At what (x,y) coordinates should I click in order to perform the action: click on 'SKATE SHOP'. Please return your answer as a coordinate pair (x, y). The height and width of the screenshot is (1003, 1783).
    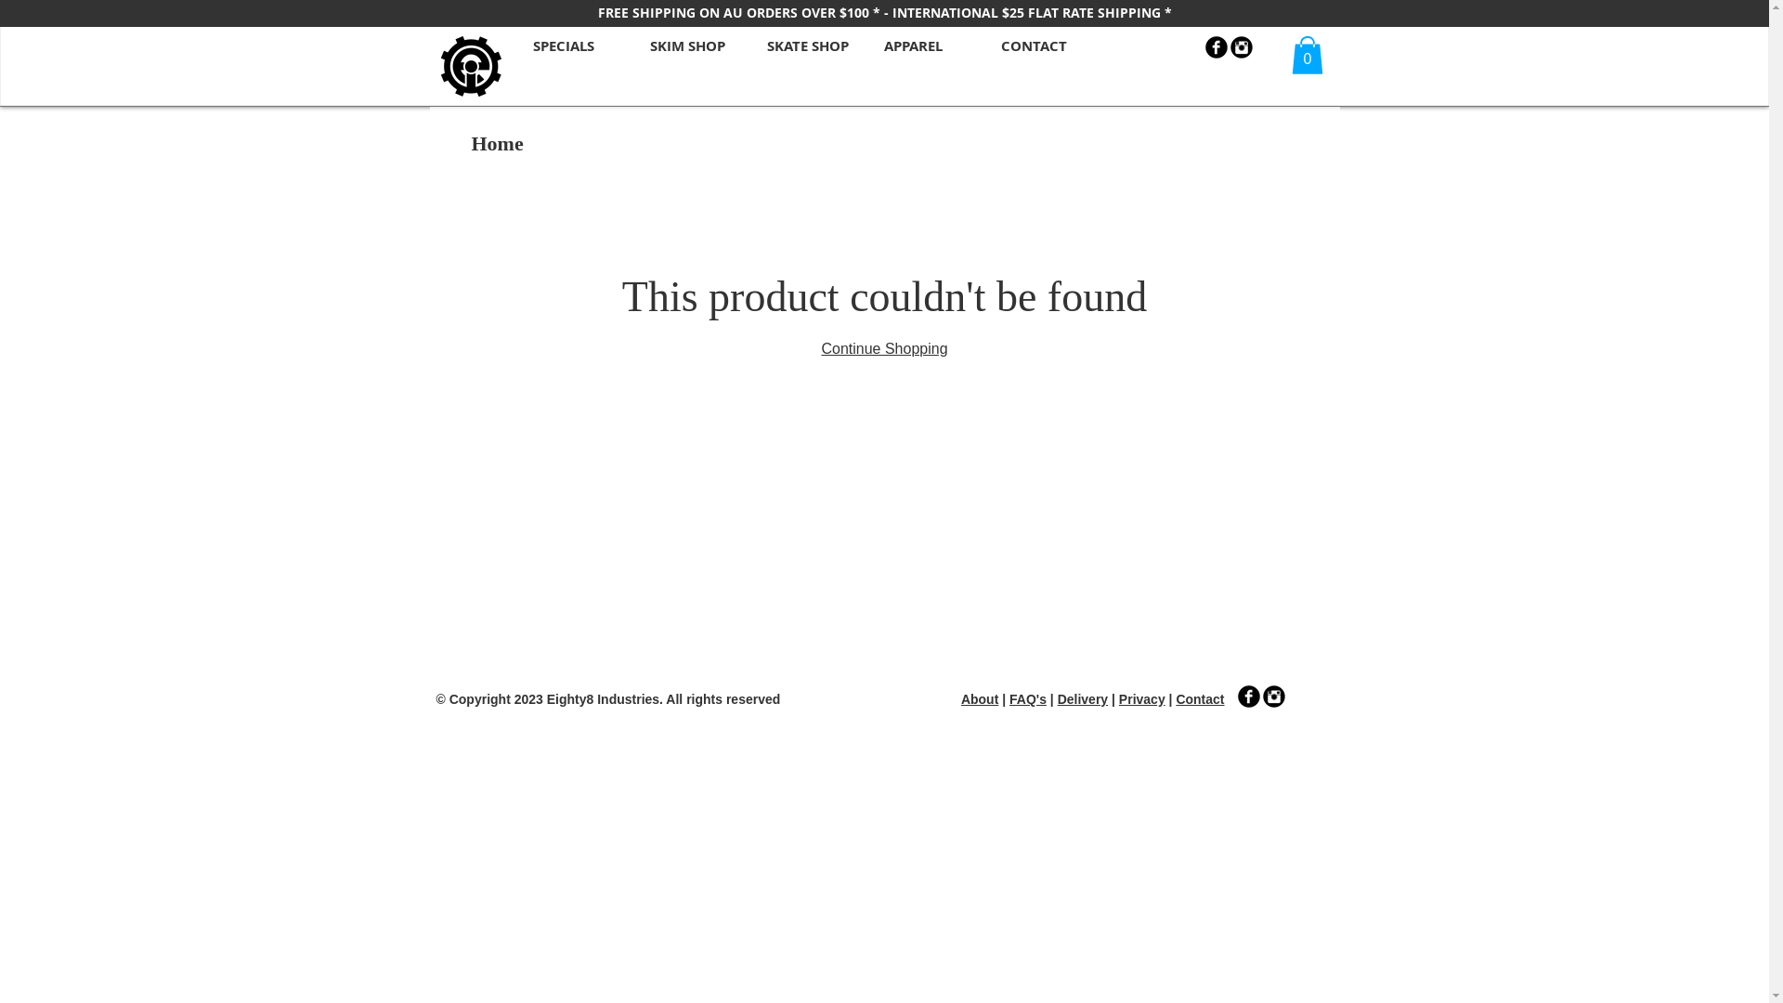
    Looking at the image, I should click on (748, 42).